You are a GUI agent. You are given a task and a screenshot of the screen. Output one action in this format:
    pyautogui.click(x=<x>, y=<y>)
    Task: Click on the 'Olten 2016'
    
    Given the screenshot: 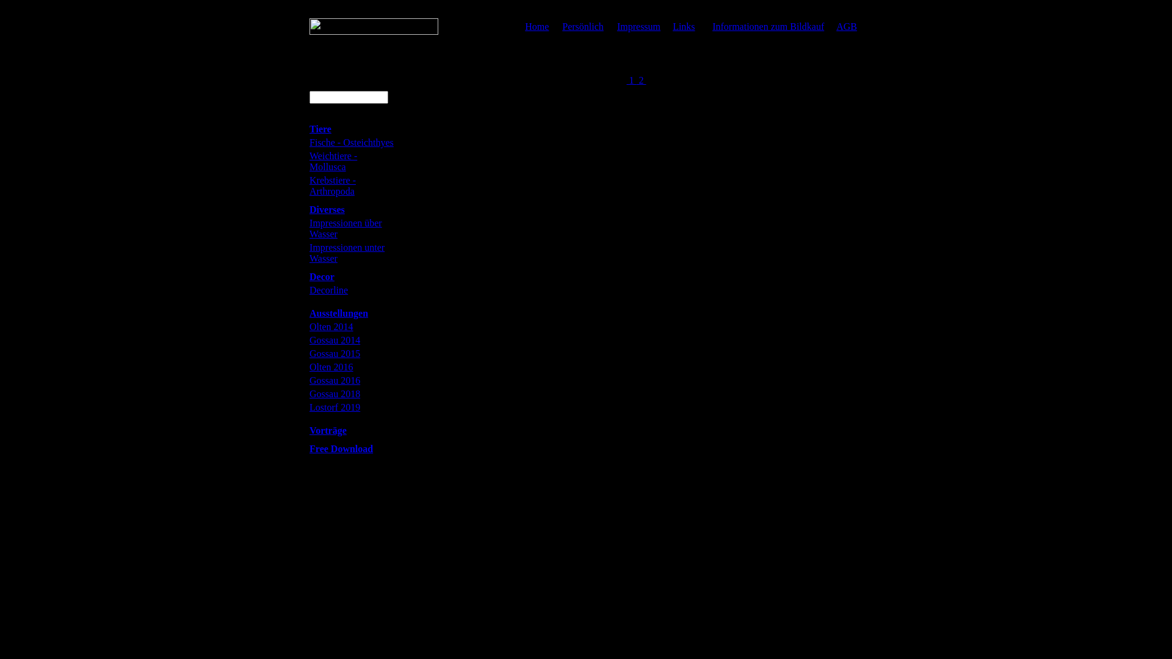 What is the action you would take?
    pyautogui.click(x=309, y=366)
    